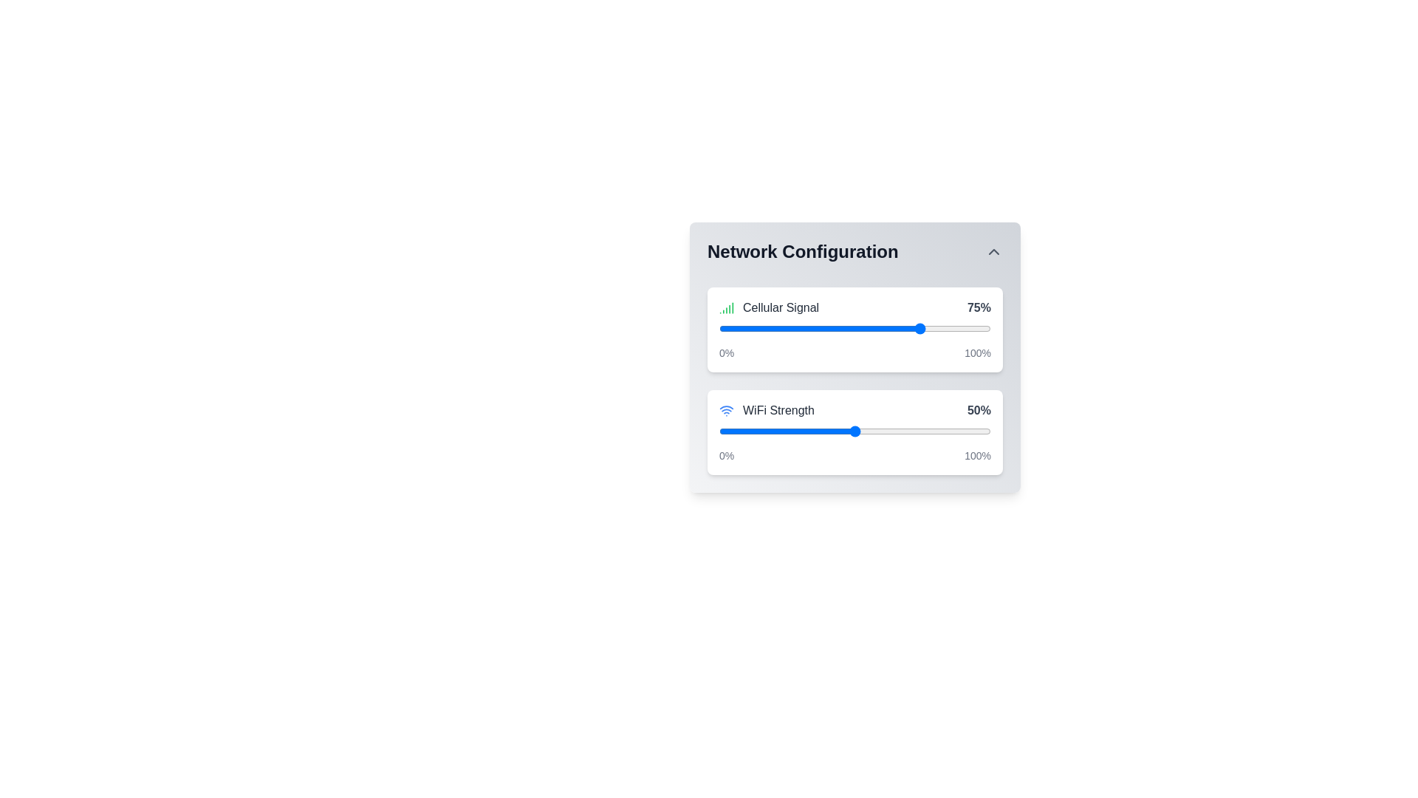 The image size is (1418, 798). What do you see at coordinates (727, 455) in the screenshot?
I see `static text label displaying '0%' which indicates the starting percentage of the 'Cellular Signal' slider control, located at the left end of the slider` at bounding box center [727, 455].